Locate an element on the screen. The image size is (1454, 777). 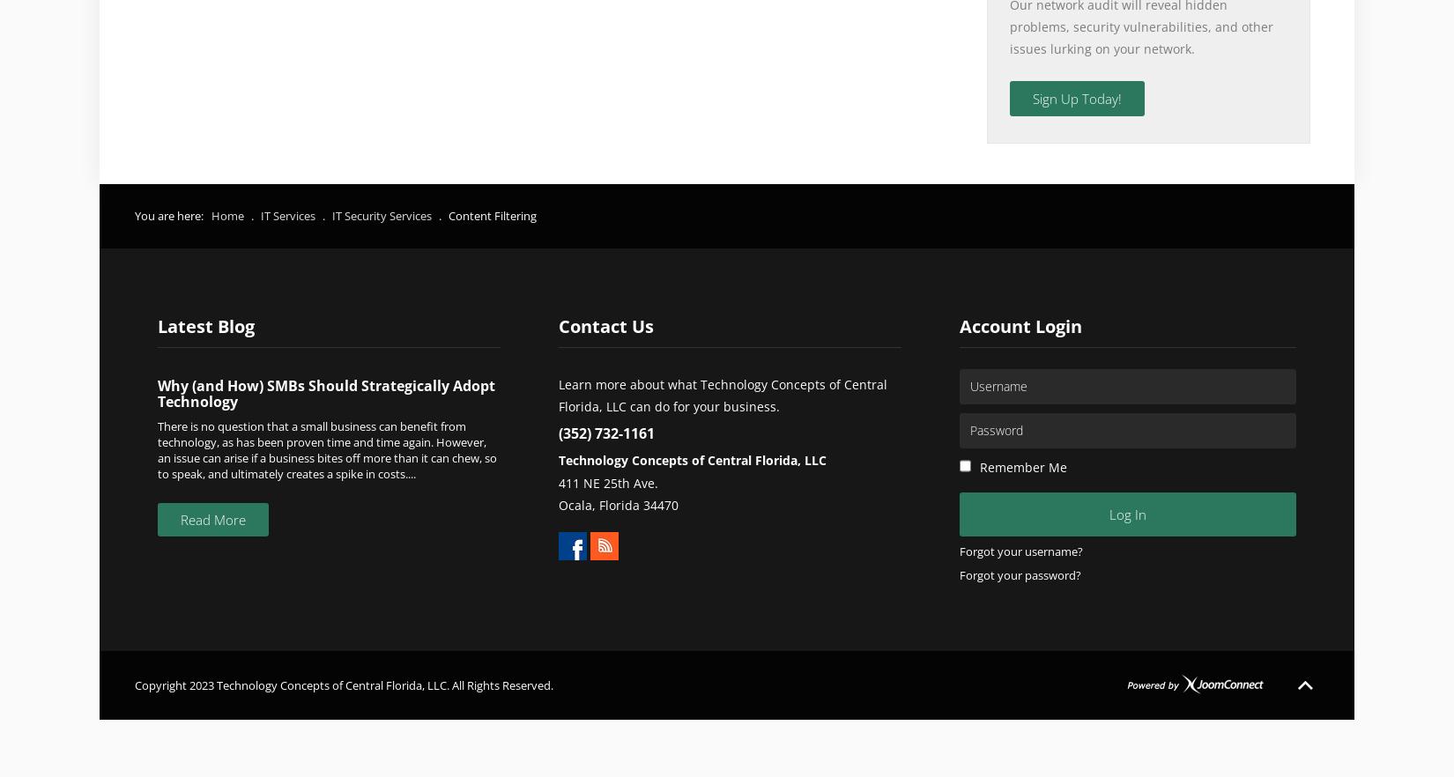
'You are here:' is located at coordinates (134, 215).